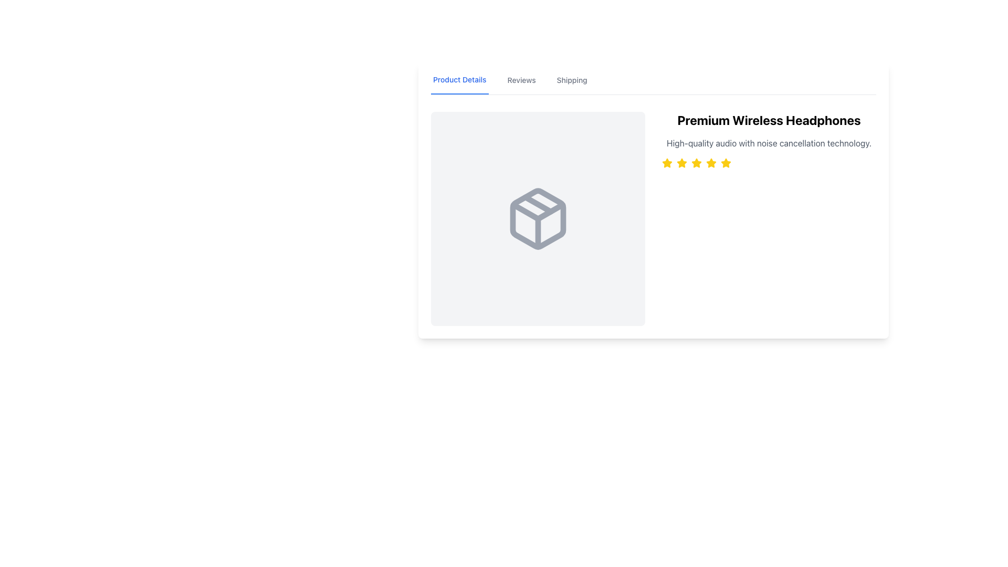 This screenshot has width=1008, height=567. I want to click on the sixth star icon in the row of yellow star icons, located below the title 'Premium Wireless Headphones.', so click(711, 163).